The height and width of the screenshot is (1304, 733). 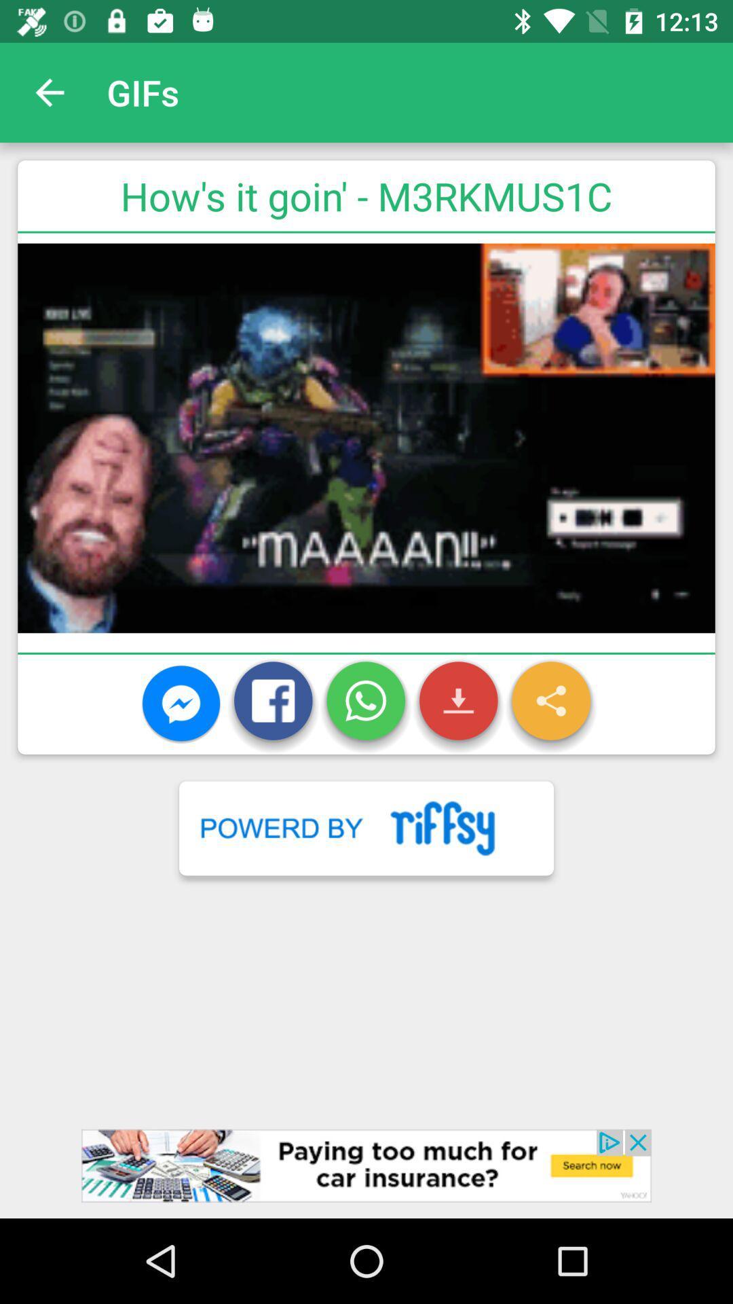 What do you see at coordinates (366, 827) in the screenshot?
I see `the tab which is below the watsapp` at bounding box center [366, 827].